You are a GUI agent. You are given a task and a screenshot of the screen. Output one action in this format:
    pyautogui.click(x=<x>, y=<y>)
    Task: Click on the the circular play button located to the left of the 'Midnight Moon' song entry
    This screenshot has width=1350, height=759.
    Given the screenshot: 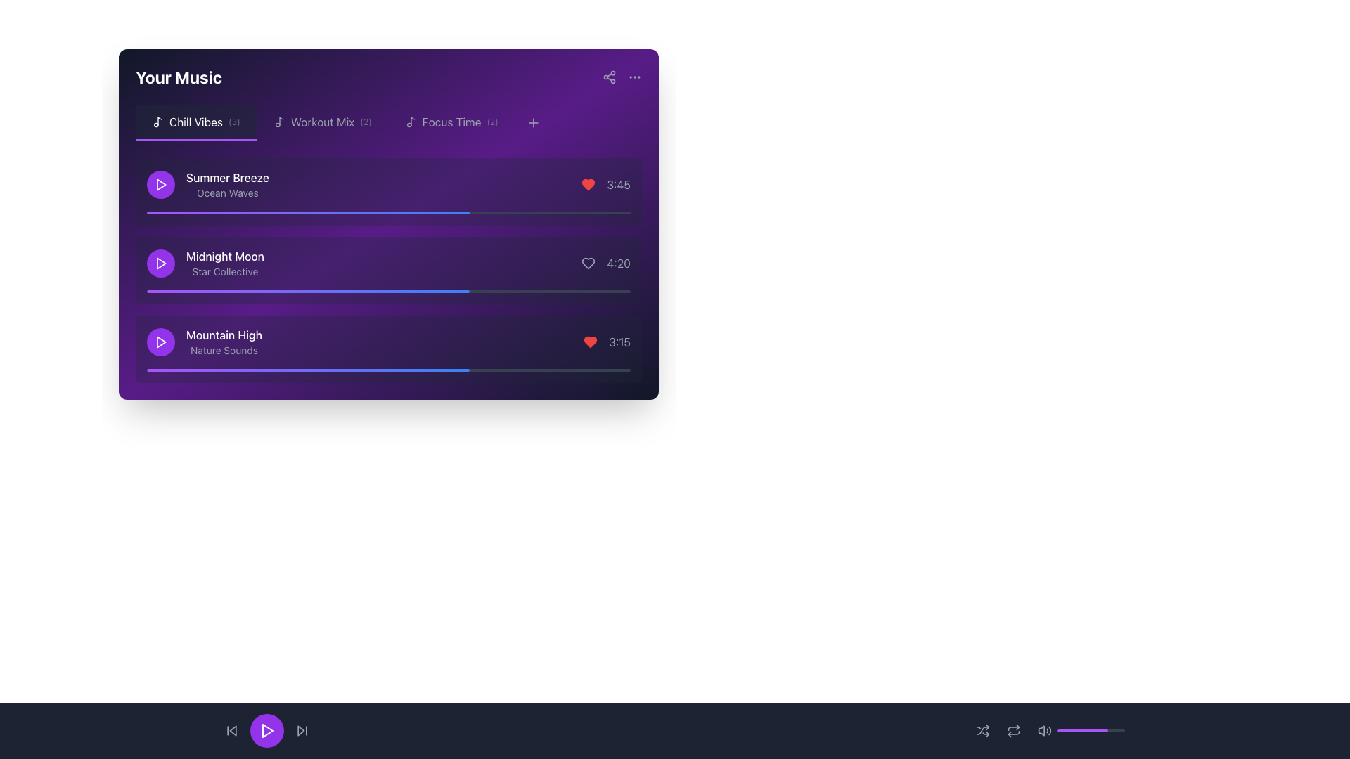 What is the action you would take?
    pyautogui.click(x=161, y=263)
    